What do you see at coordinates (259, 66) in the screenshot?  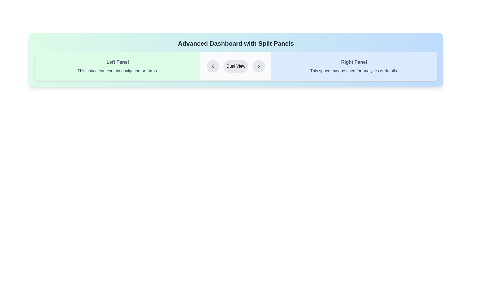 I see `the third interactive button in the horizontal group, located to the right of the 'Dual View' button` at bounding box center [259, 66].